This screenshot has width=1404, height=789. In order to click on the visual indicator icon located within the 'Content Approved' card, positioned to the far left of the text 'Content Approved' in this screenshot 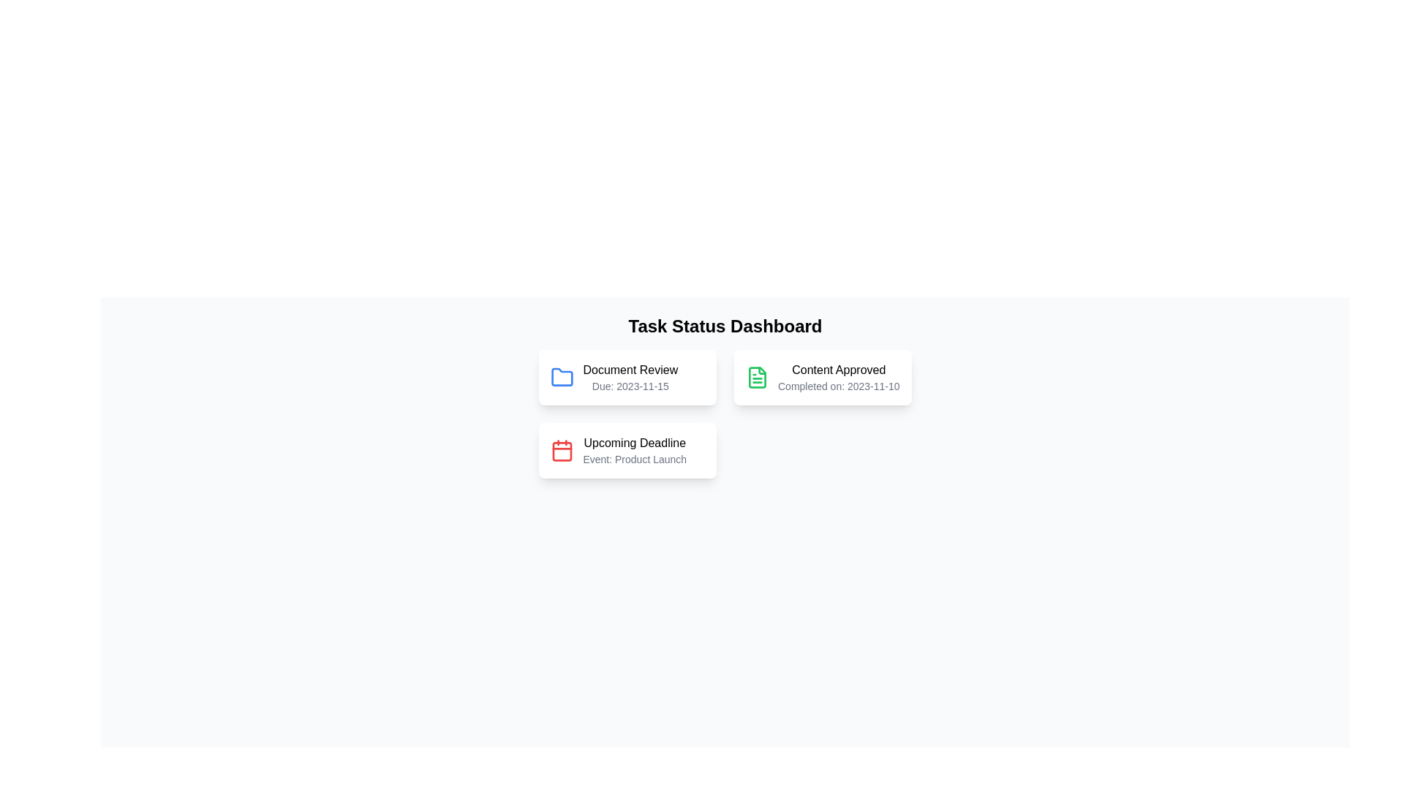, I will do `click(758, 376)`.